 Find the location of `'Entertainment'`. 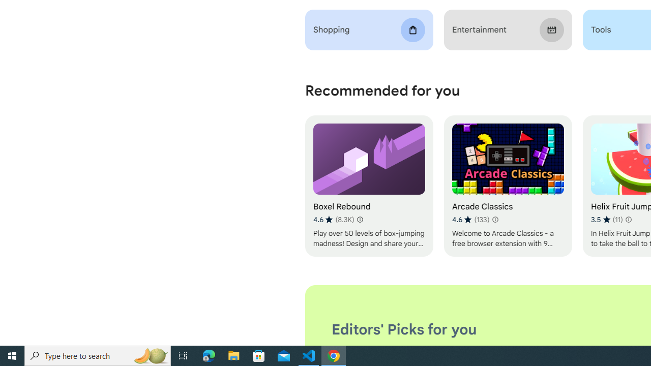

'Entertainment' is located at coordinates (508, 29).